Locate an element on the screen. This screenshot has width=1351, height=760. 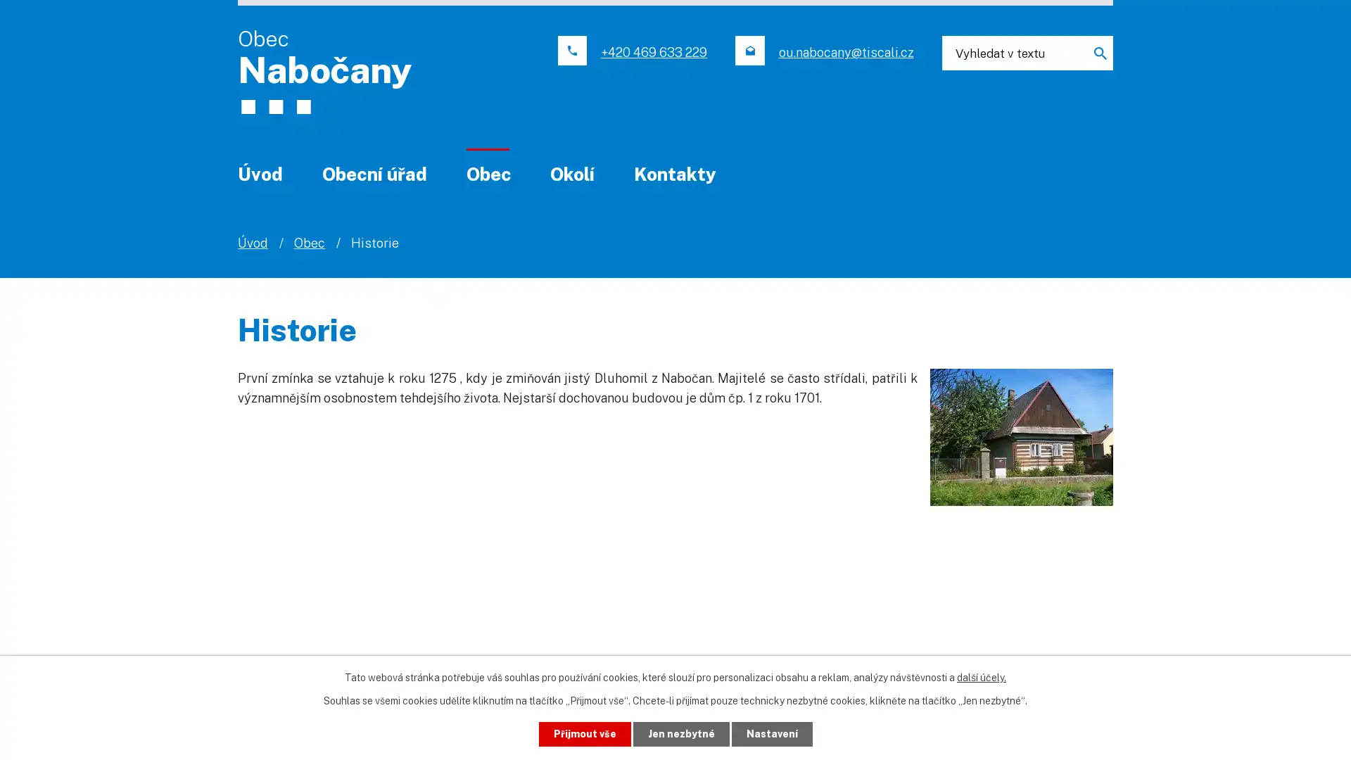
Hledat is located at coordinates (1093, 52).